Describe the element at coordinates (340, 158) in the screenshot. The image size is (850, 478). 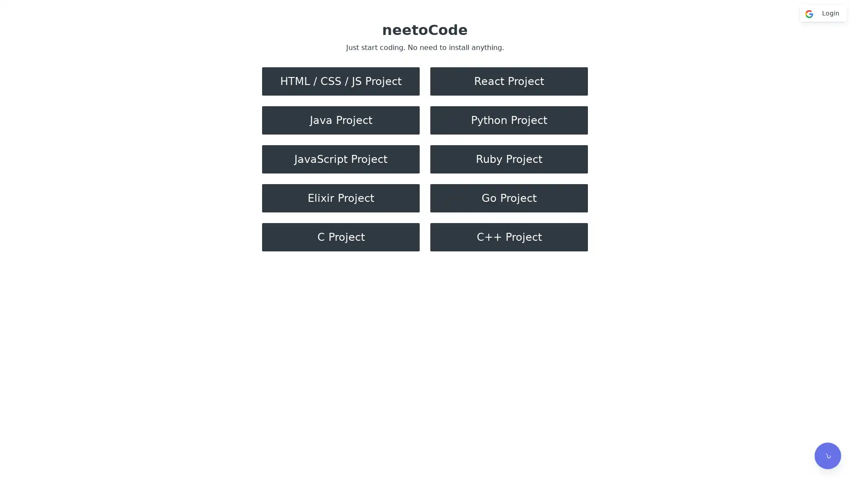
I see `JavaScript Project` at that location.